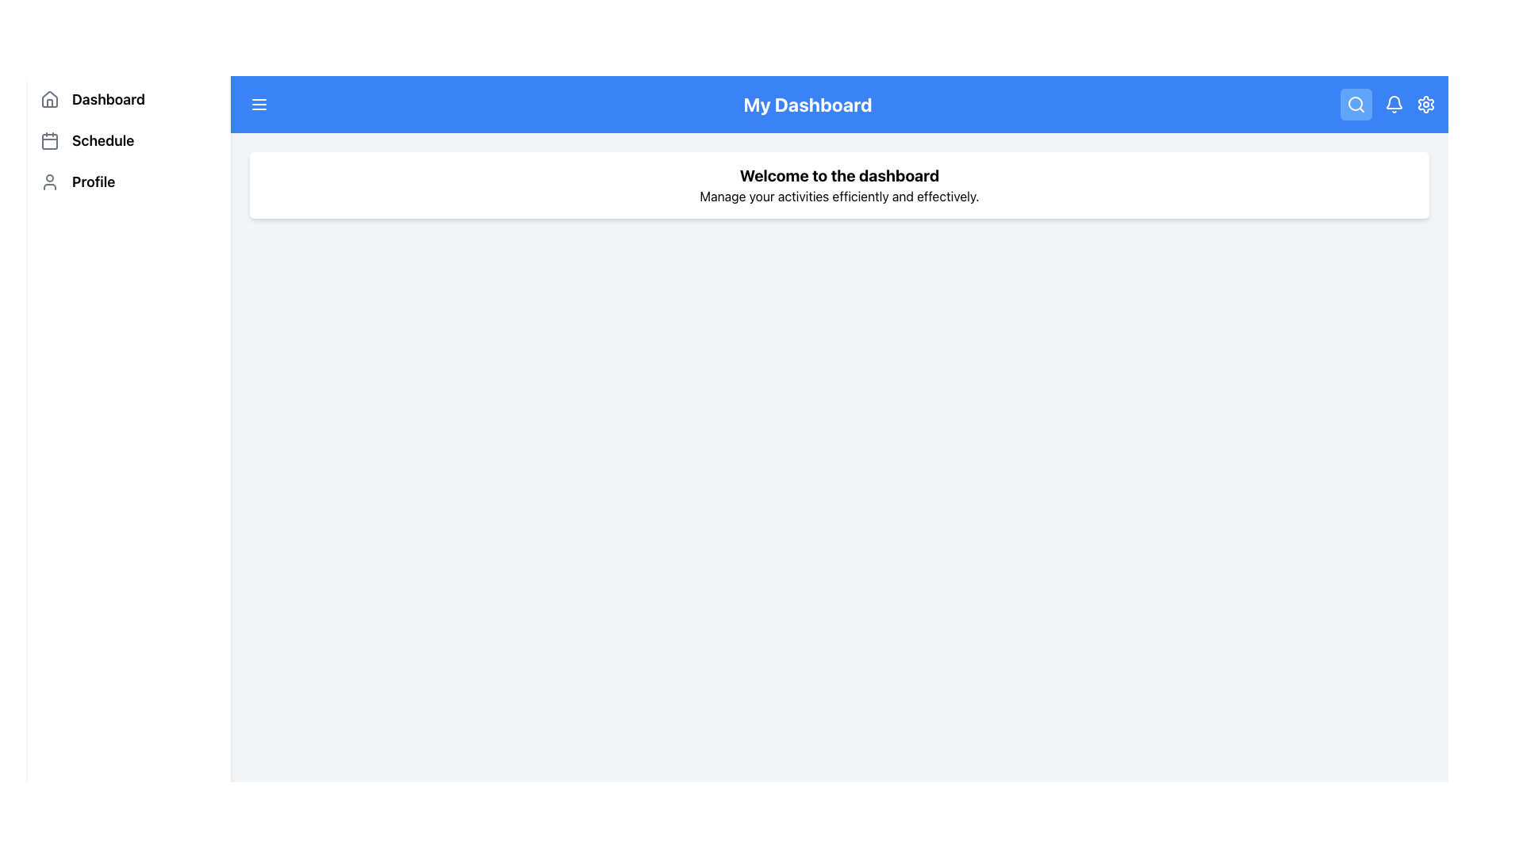 The height and width of the screenshot is (856, 1523). Describe the element at coordinates (1425, 104) in the screenshot. I see `the settings button located at the top-right corner of the header bar, following the bell icon` at that location.